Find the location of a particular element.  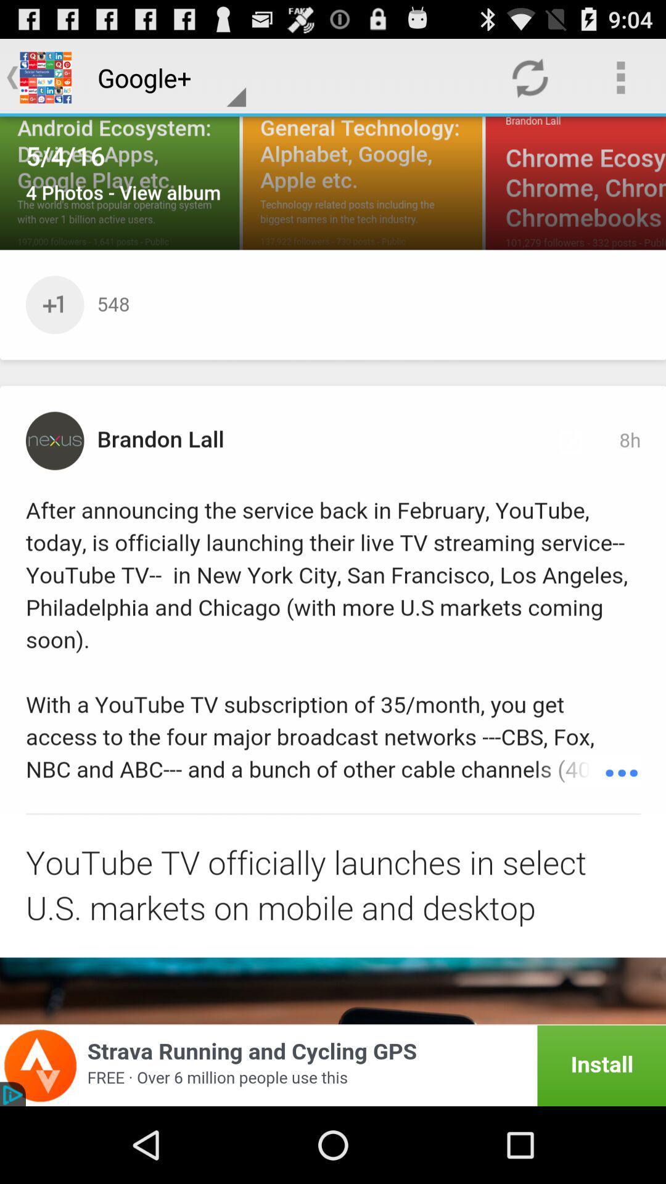

install the strava running and cycling gps app is located at coordinates (333, 1065).